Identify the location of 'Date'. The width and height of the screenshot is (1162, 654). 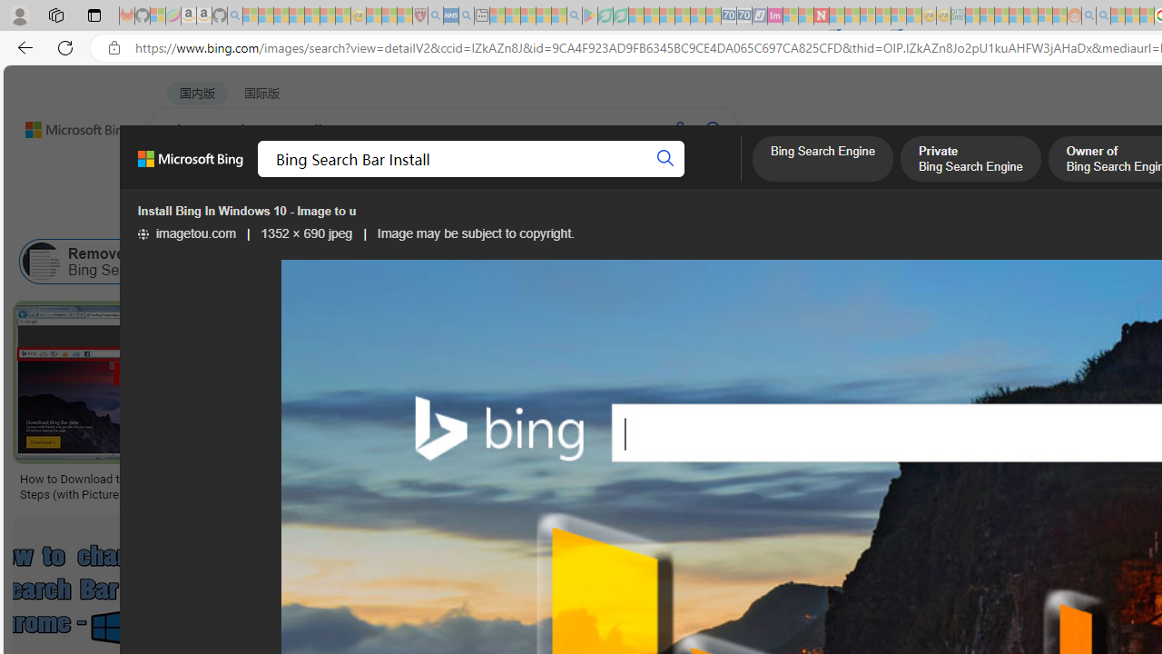
(537, 214).